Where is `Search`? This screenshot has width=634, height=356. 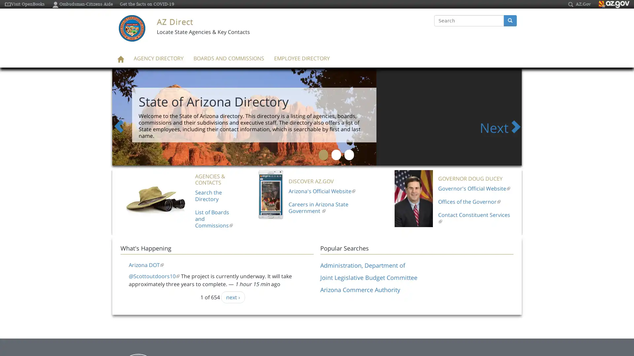 Search is located at coordinates (434, 26).